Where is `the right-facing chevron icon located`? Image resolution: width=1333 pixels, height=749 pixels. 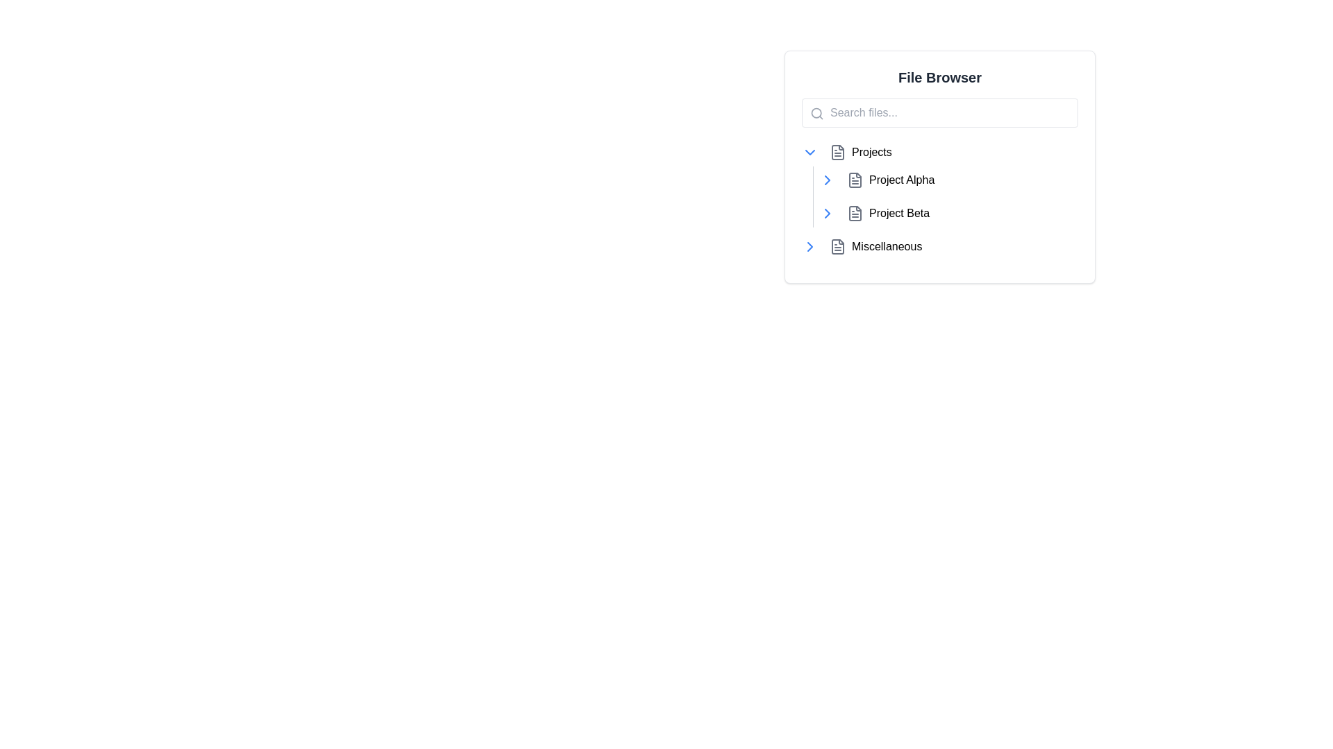
the right-facing chevron icon located is located at coordinates (827, 214).